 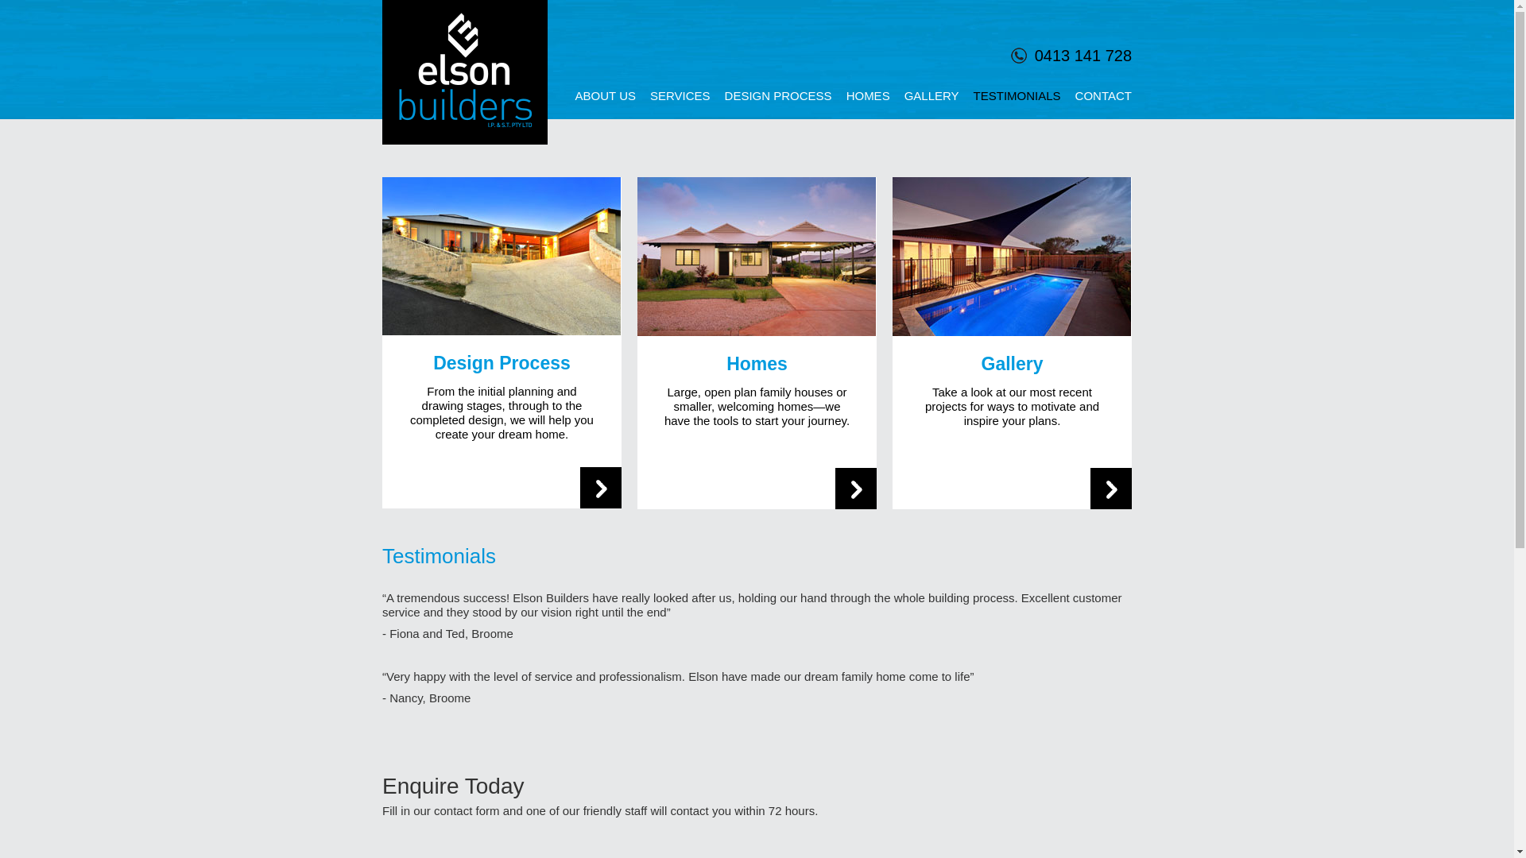 What do you see at coordinates (605, 95) in the screenshot?
I see `'ABOUT US'` at bounding box center [605, 95].